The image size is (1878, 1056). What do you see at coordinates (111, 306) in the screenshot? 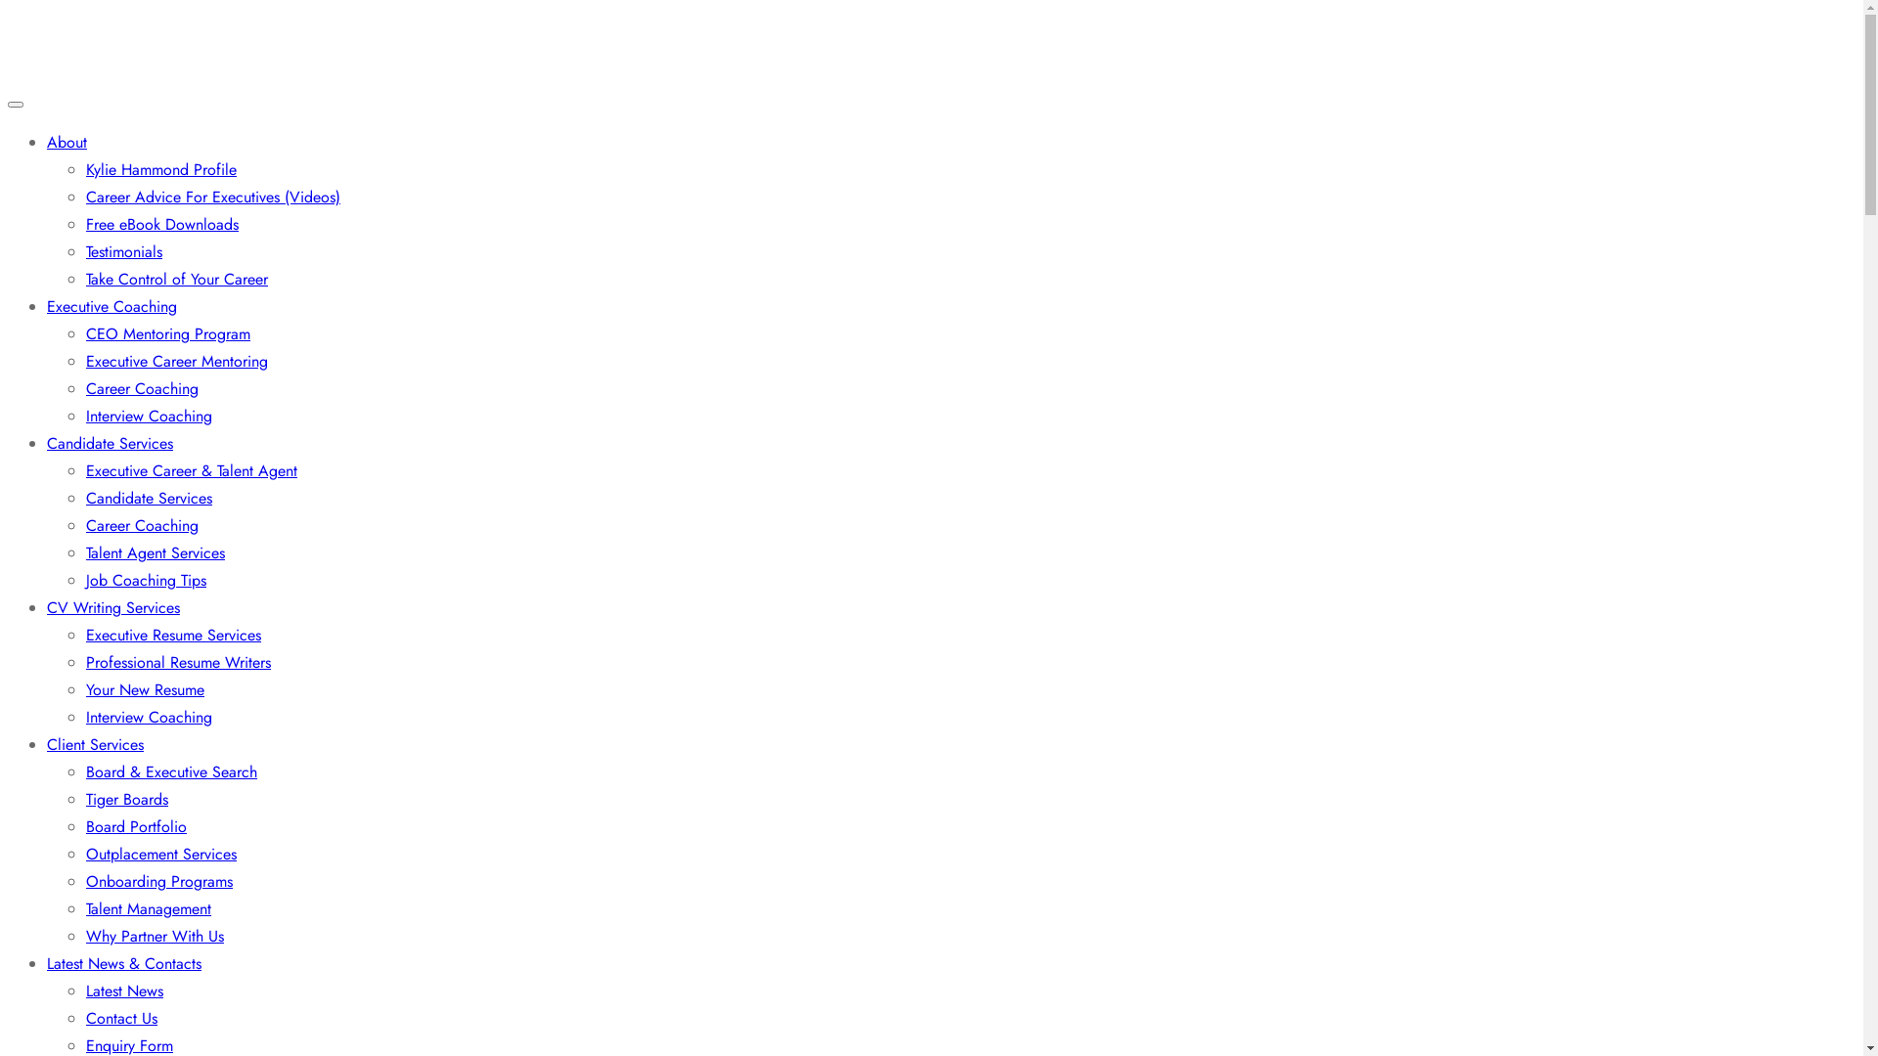
I see `'Executive Coaching'` at bounding box center [111, 306].